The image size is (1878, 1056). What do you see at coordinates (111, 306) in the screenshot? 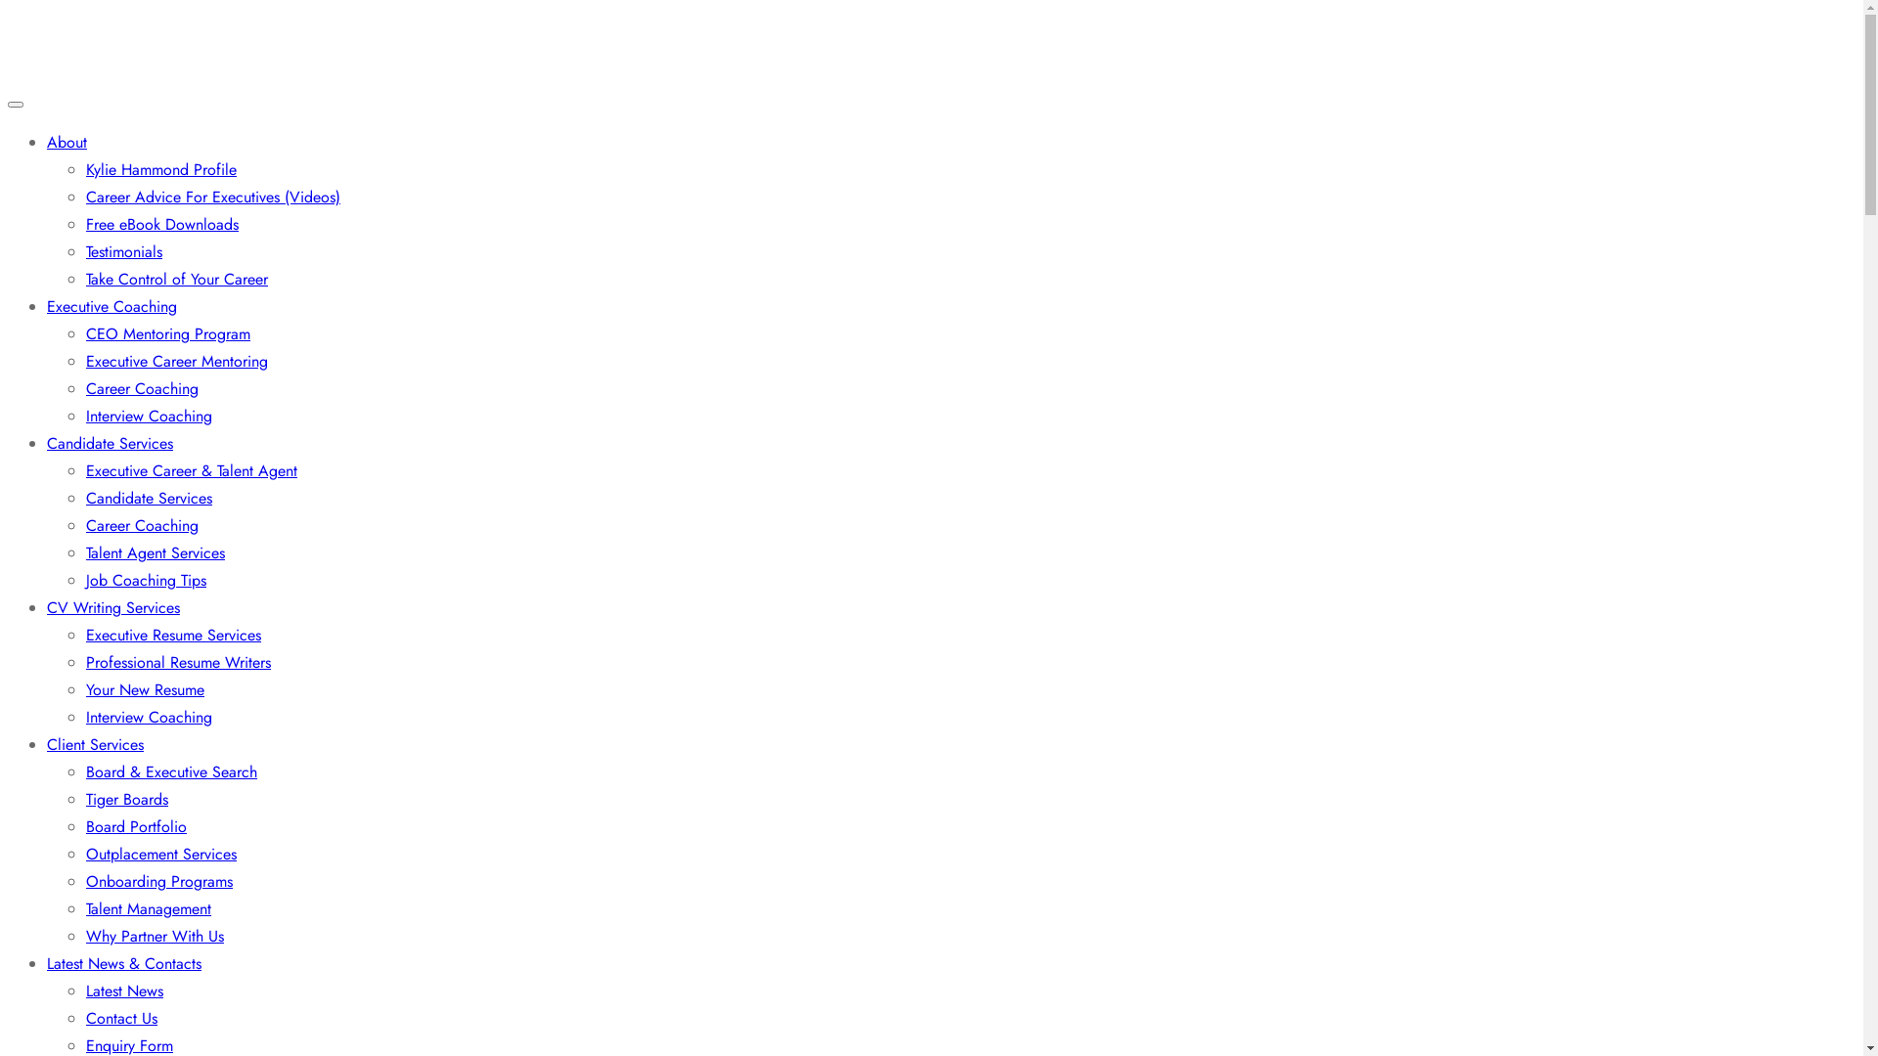
I see `'Executive Coaching'` at bounding box center [111, 306].